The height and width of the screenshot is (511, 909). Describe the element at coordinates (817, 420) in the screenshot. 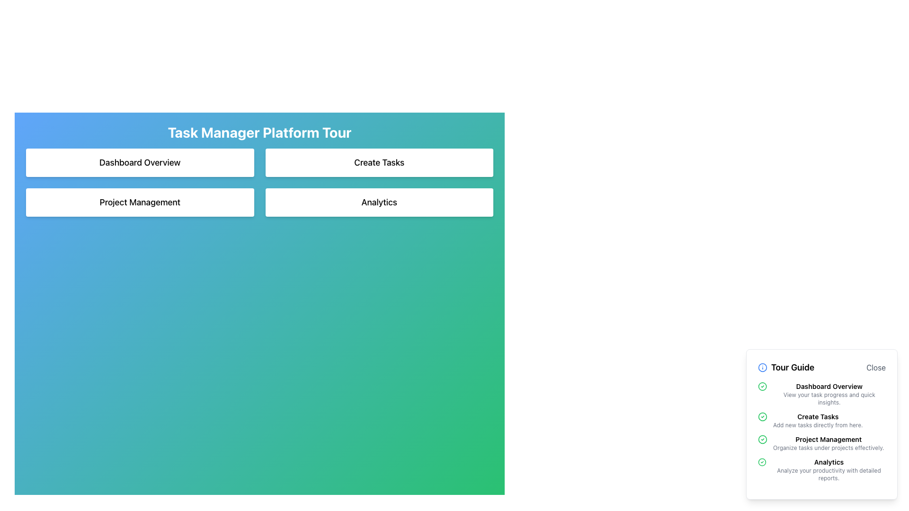

I see `the Text Block that displays 'Create Tasks' and 'Add new tasks directly from here.' located in the right section of the overlay panel, second in the vertical list` at that location.